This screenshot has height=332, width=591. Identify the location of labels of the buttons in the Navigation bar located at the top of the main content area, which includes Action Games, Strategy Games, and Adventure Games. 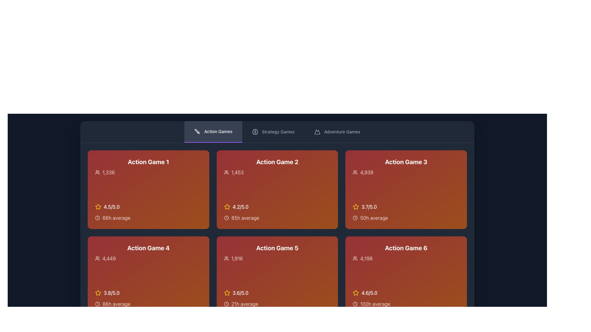
(277, 132).